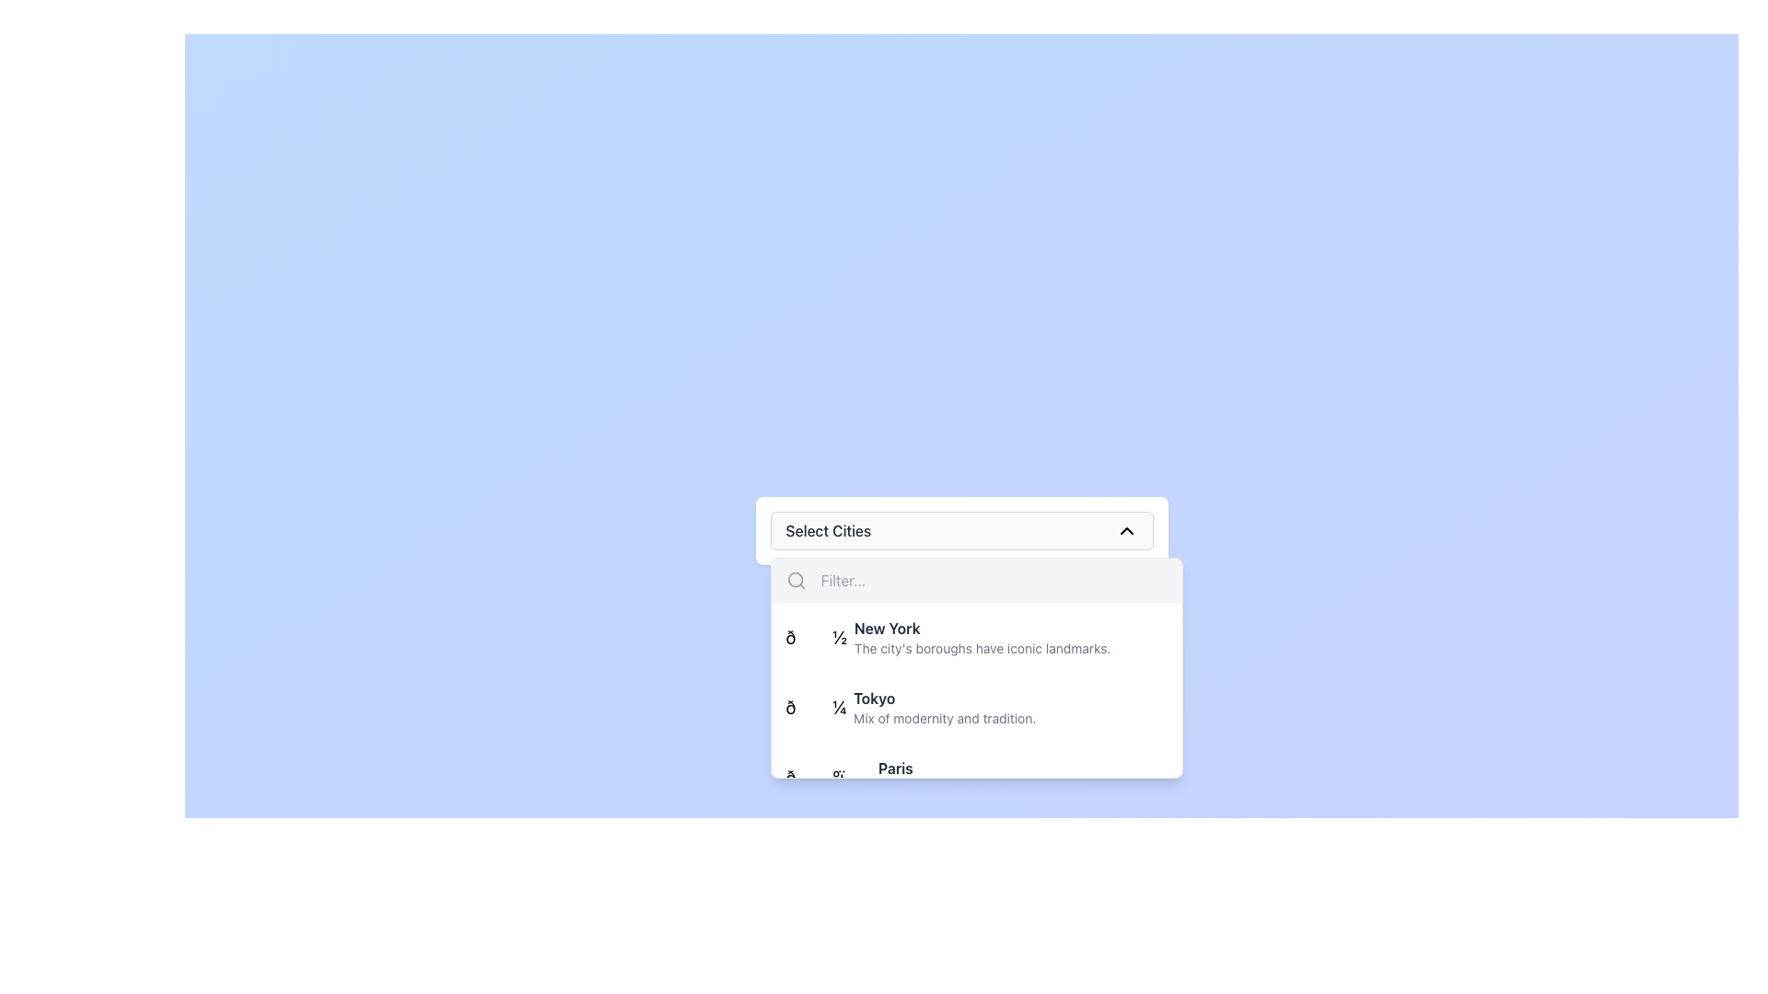  What do you see at coordinates (901, 777) in the screenshot?
I see `the List item element containing the text 'Paris' and the supporting text 'City of Love and Lights'` at bounding box center [901, 777].